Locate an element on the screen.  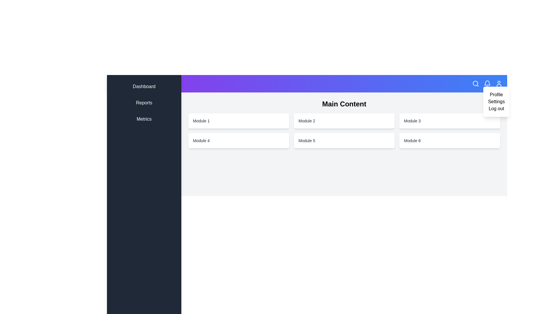
the 'Log out' hyperlink to change its appearance, which is styled with hover effects (light gray text on hover) is located at coordinates (496, 109).